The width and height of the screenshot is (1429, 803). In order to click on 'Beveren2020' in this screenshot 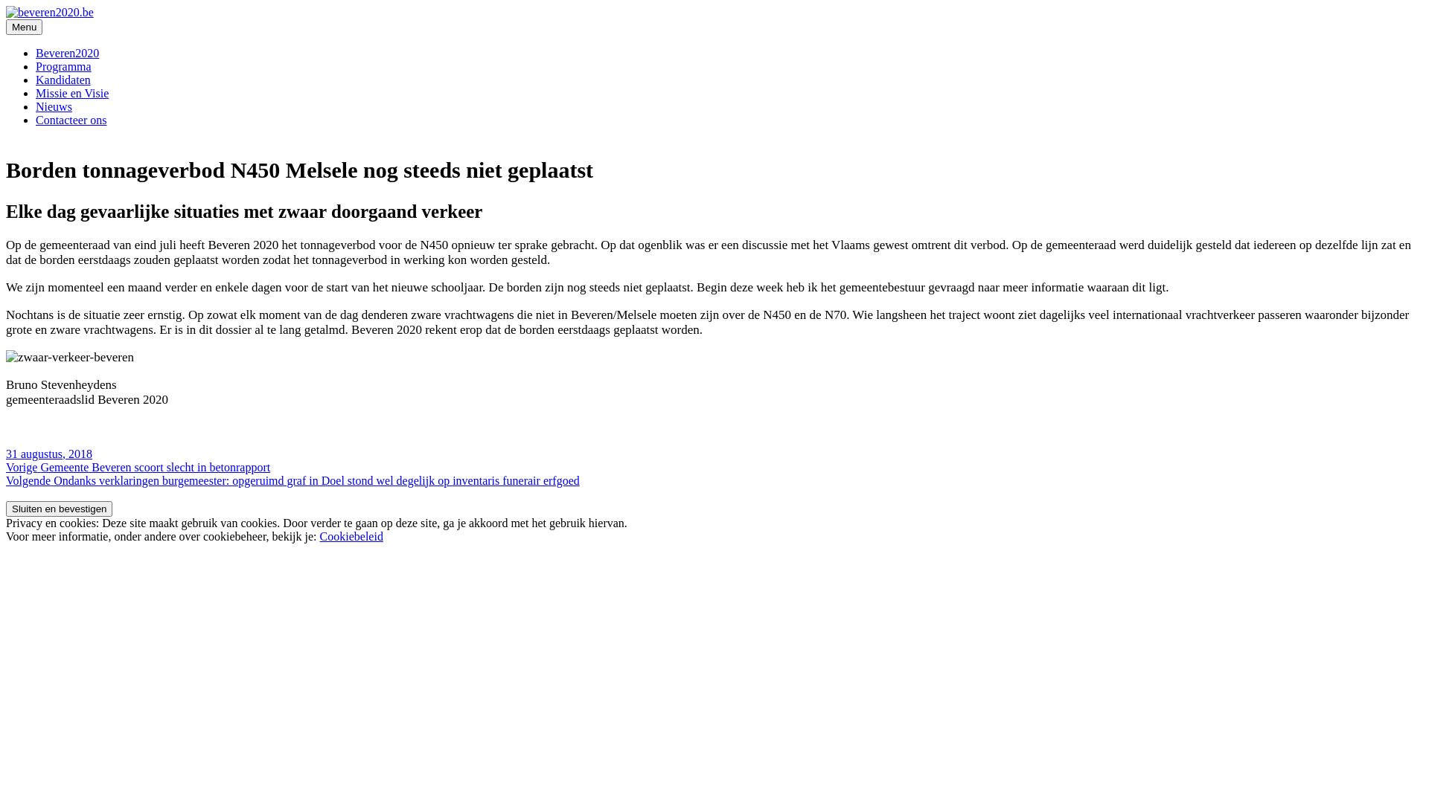, I will do `click(66, 52)`.